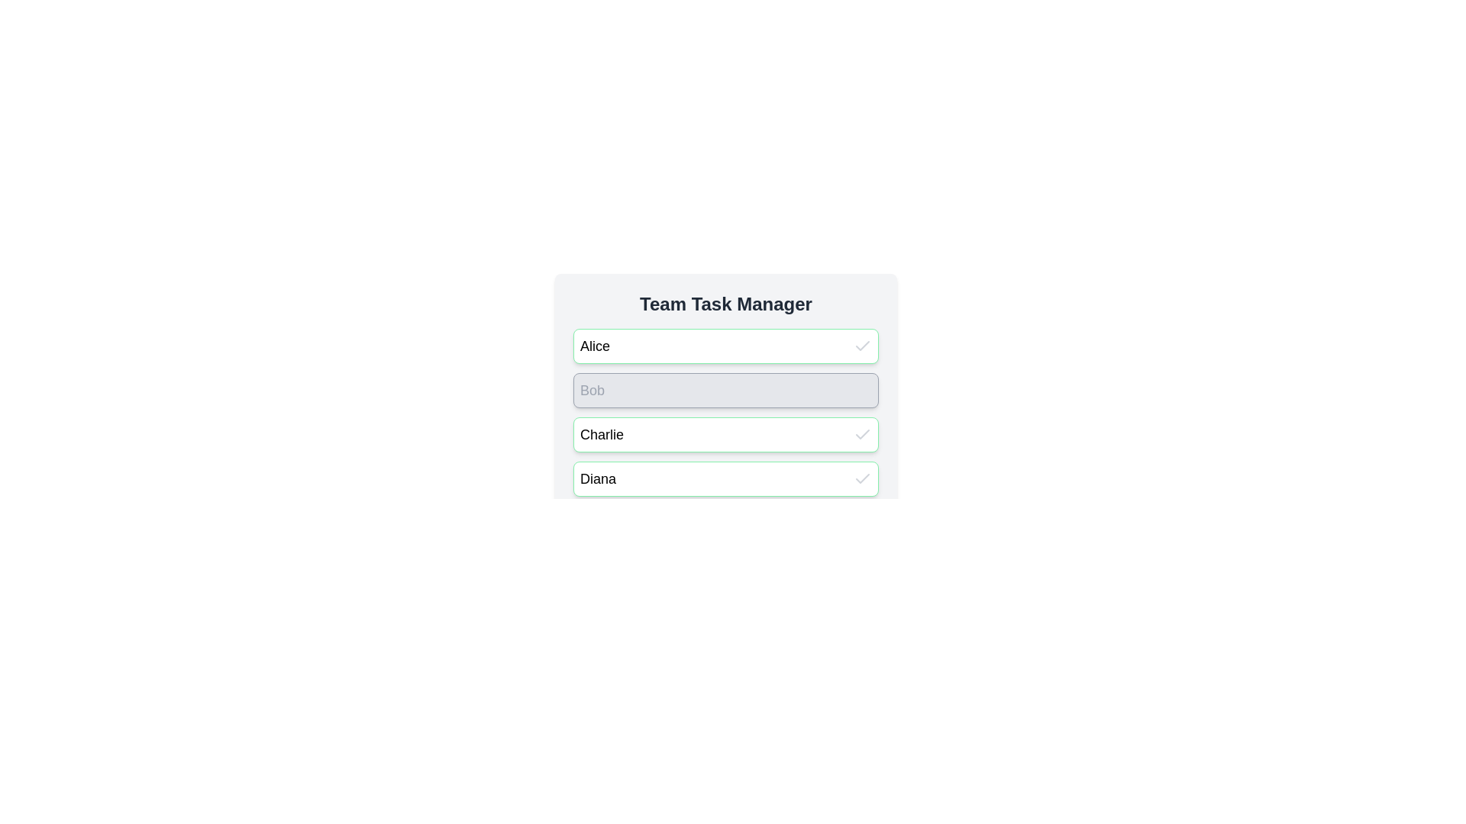  Describe the element at coordinates (725, 435) in the screenshot. I see `the list item labeled 'Charlie', which is the third item in a vertical list with a white background and a thin green border` at that location.